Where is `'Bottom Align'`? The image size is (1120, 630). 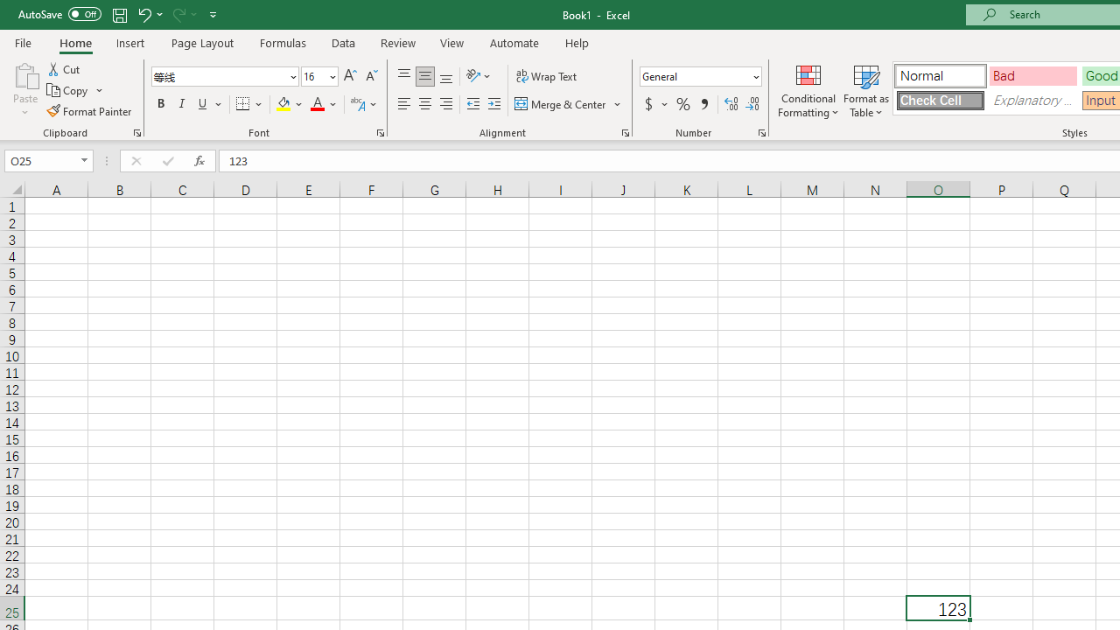 'Bottom Align' is located at coordinates (446, 75).